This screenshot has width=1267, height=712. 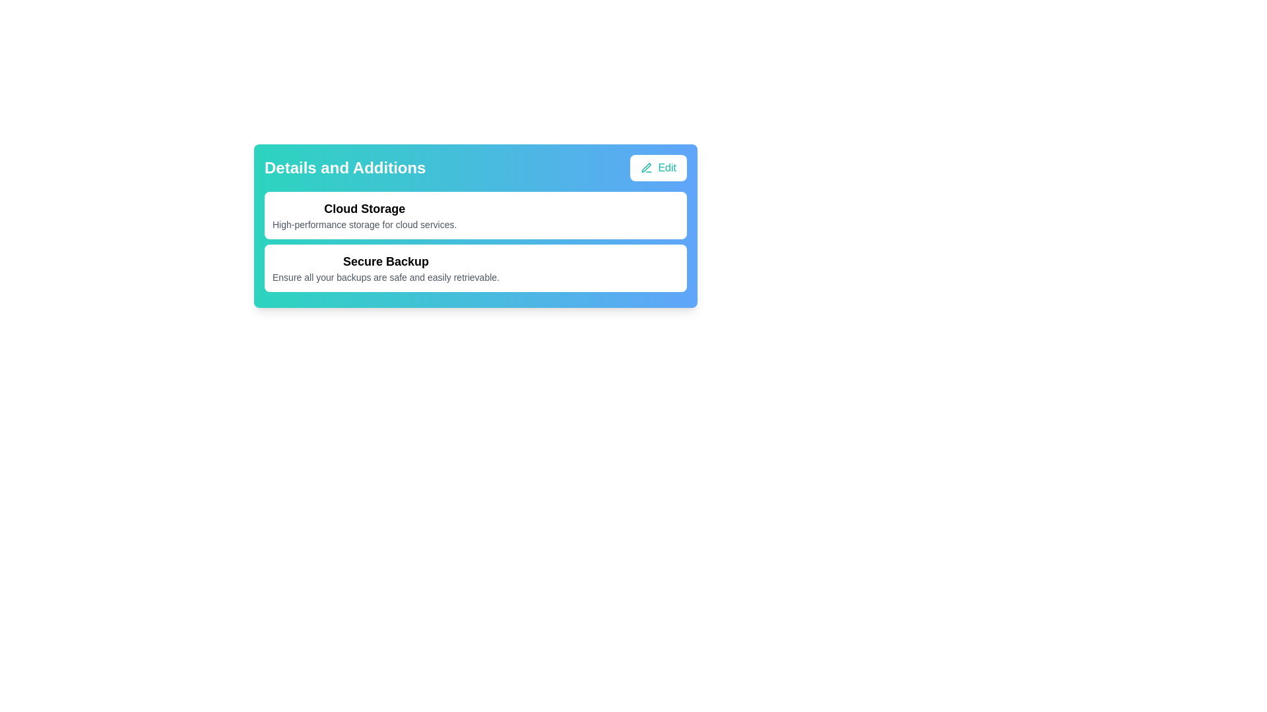 What do you see at coordinates (647, 167) in the screenshot?
I see `the pen icon located within the 'Edit' button, which has a white background and teal text, positioned in the top-right corner of the card titled 'Details and Additions'` at bounding box center [647, 167].